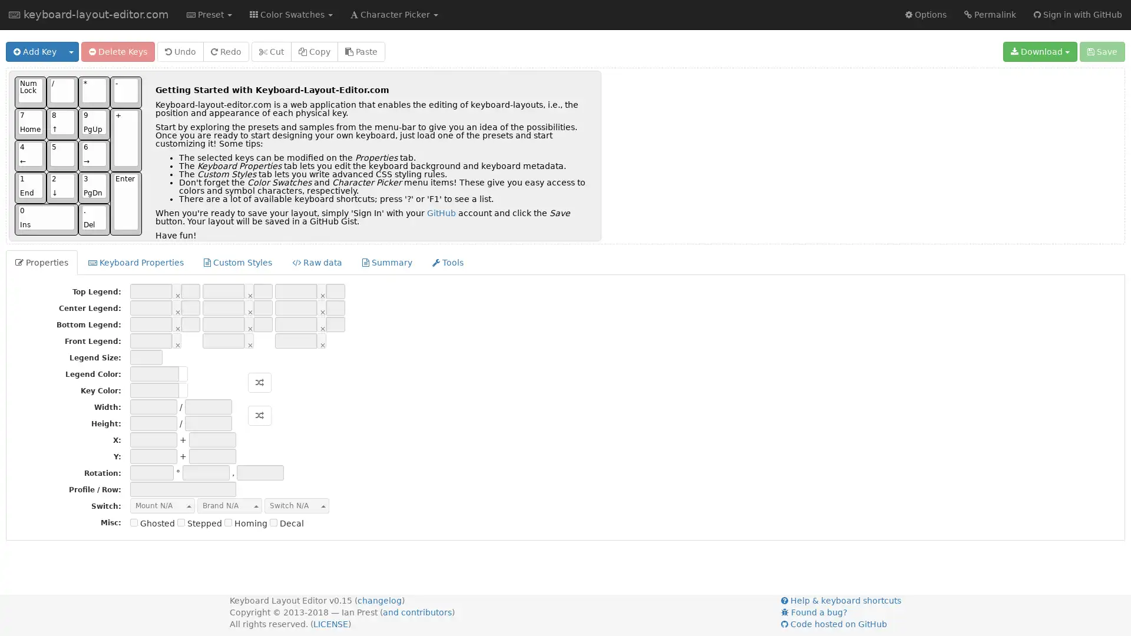  I want to click on Cut, so click(270, 51).